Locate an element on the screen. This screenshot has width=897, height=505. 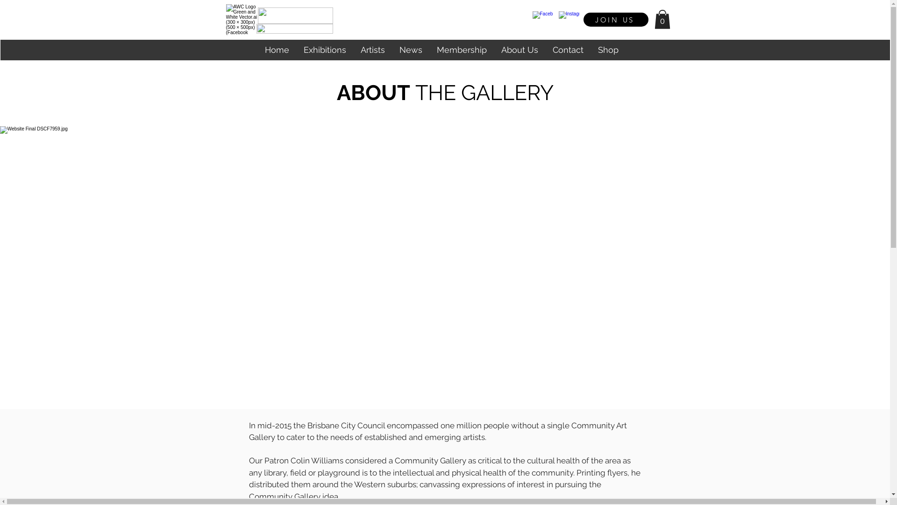
'Contact' is located at coordinates (545, 50).